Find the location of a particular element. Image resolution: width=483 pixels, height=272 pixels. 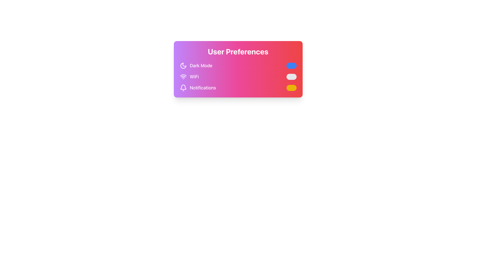

the notification icon, which is a bell icon located below the WiFi icon and next to the Notifications text in the User Preferences section is located at coordinates (183, 87).